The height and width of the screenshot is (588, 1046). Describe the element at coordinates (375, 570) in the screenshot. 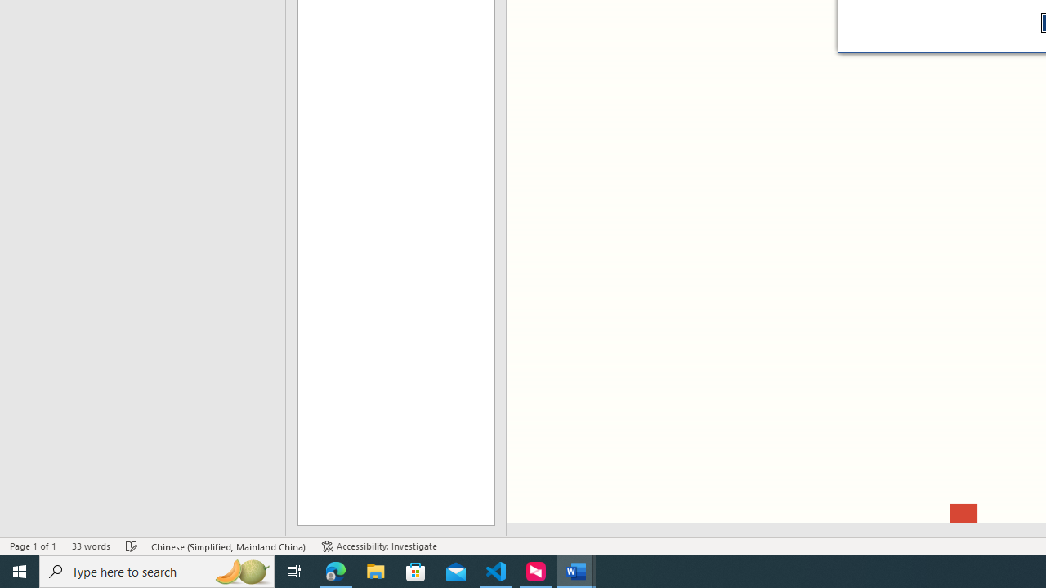

I see `'File Explorer'` at that location.